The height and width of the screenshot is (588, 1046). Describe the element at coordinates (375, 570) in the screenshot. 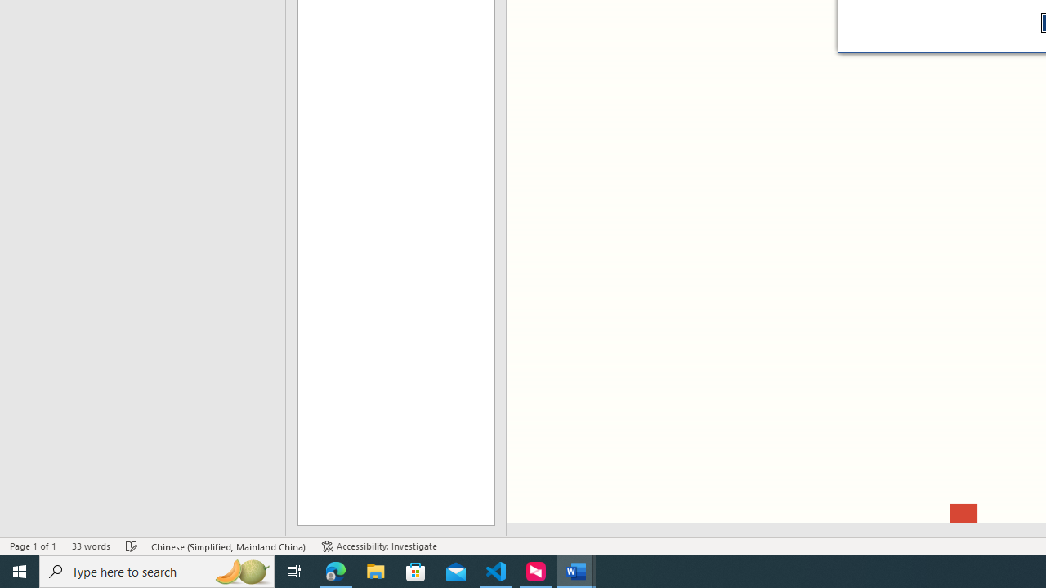

I see `'File Explorer'` at that location.